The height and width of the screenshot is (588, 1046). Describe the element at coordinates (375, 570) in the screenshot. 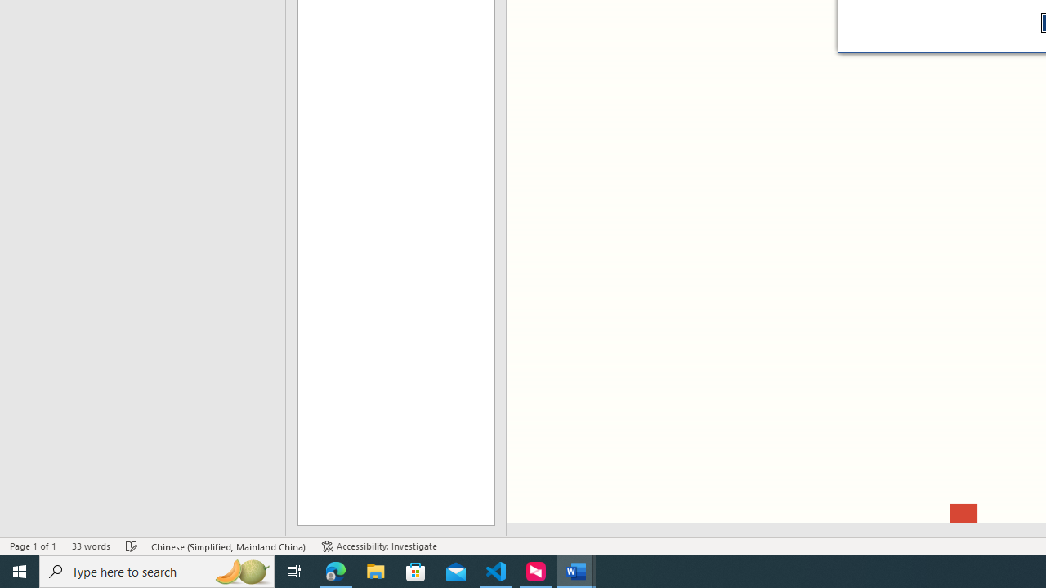

I see `'File Explorer'` at that location.